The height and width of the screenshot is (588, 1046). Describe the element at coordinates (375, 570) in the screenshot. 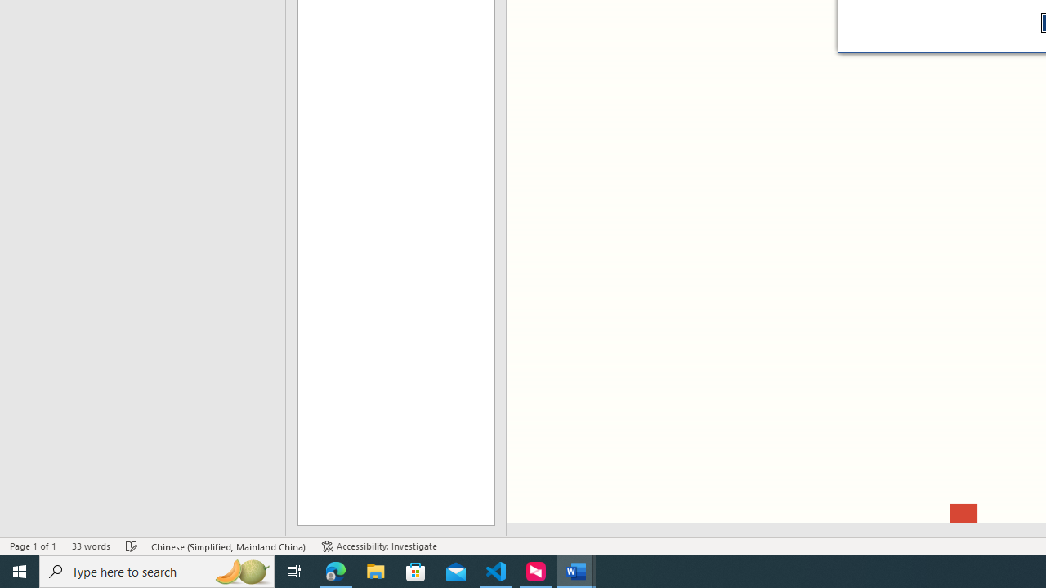

I see `'File Explorer'` at that location.